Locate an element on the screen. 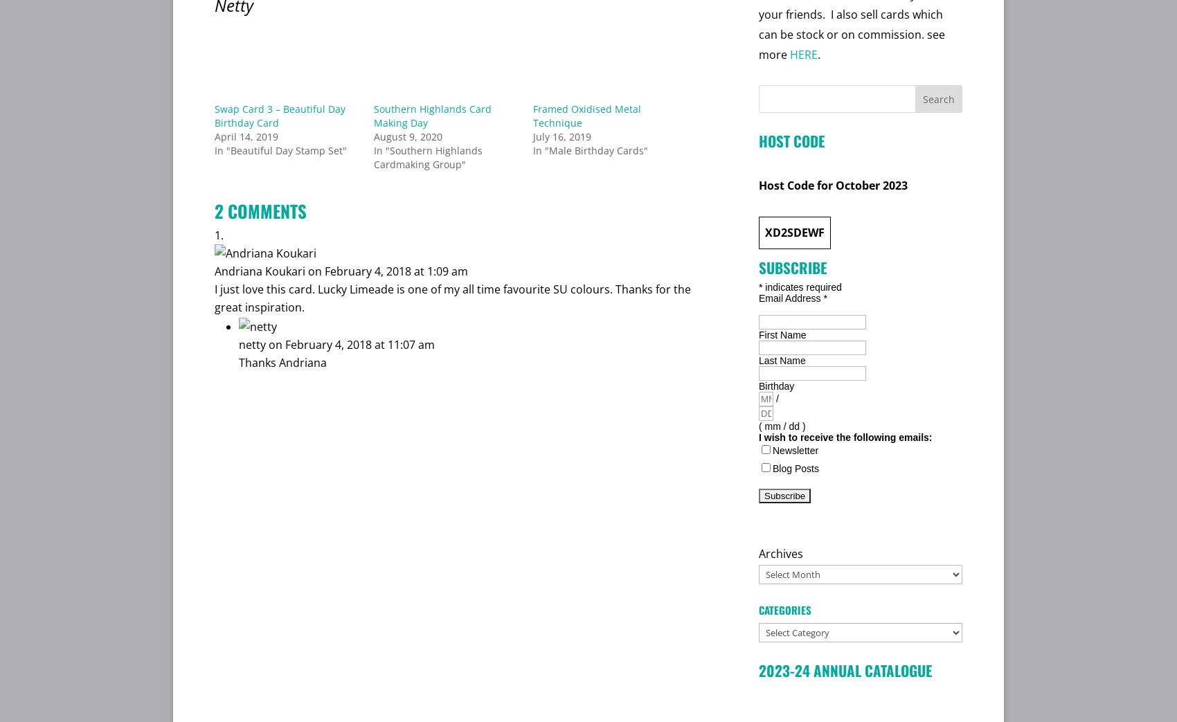 This screenshot has height=722, width=1177. 'Email Address' is located at coordinates (791, 298).